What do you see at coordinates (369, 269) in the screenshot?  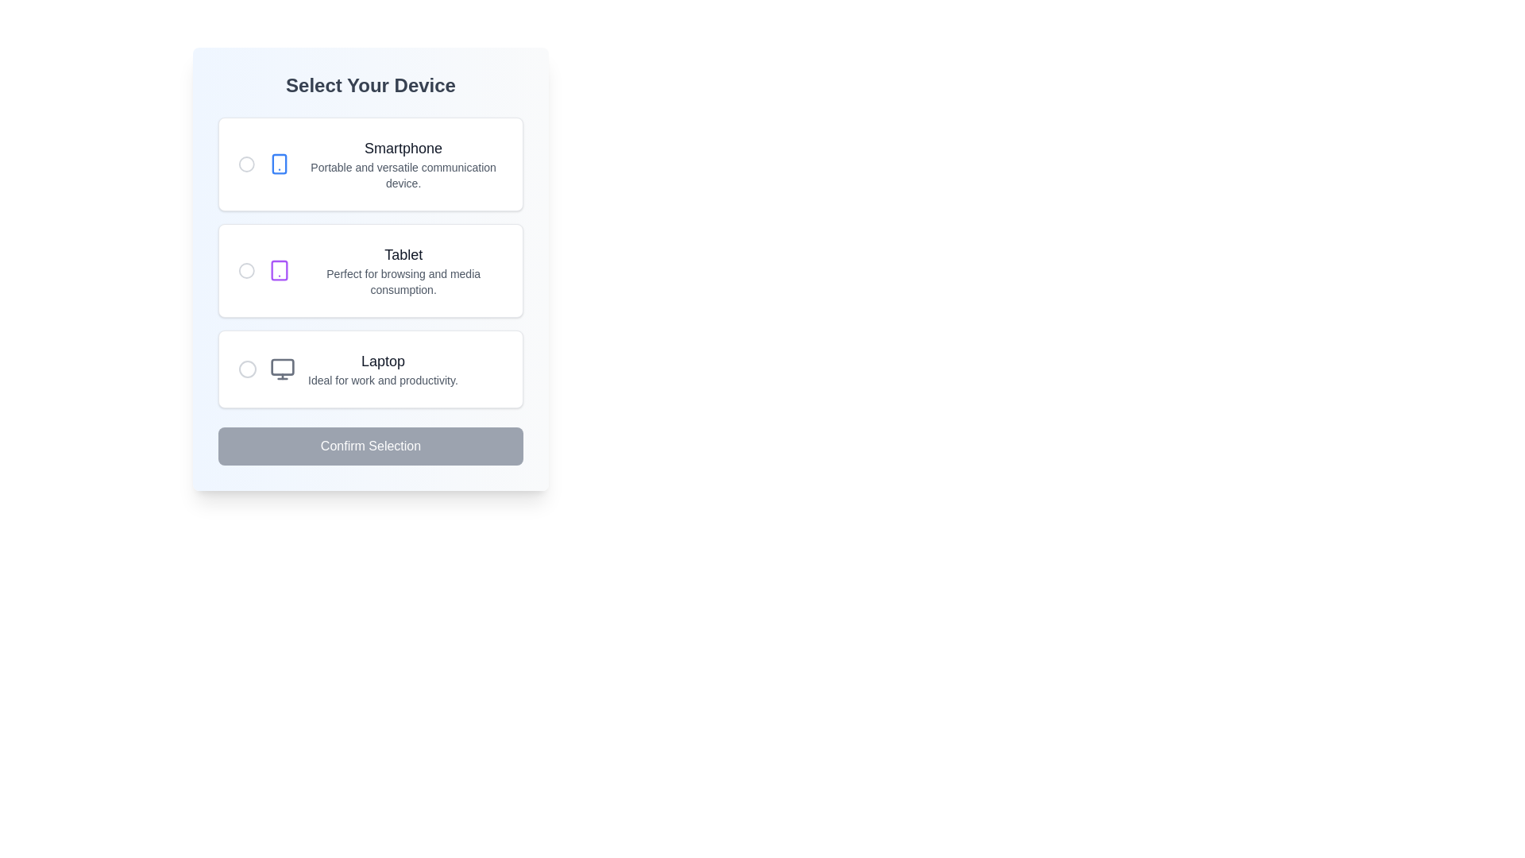 I see `the 'Tablet' selectable option in the device list` at bounding box center [369, 269].